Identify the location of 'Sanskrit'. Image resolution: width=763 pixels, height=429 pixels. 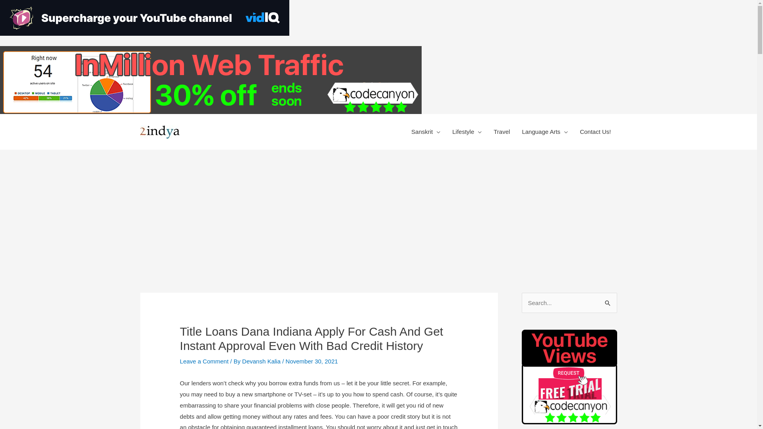
(425, 131).